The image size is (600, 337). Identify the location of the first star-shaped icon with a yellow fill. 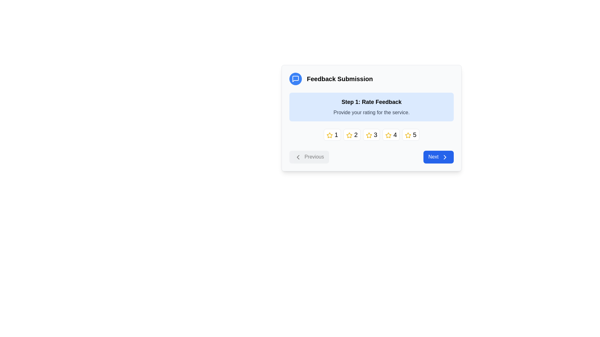
(329, 135).